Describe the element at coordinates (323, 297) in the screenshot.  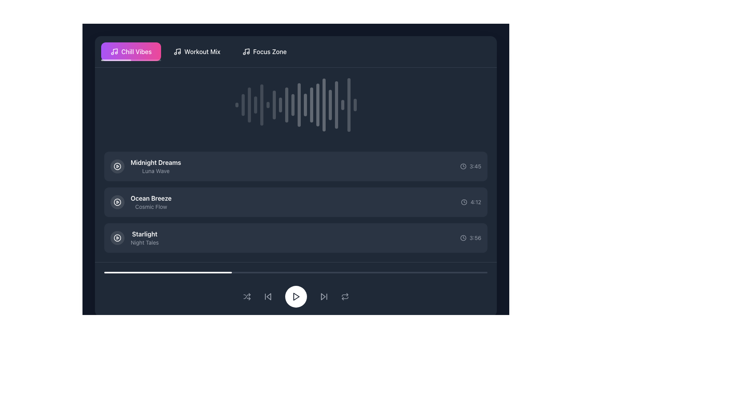
I see `the skip-forward icon located in the bottom control bar` at that location.